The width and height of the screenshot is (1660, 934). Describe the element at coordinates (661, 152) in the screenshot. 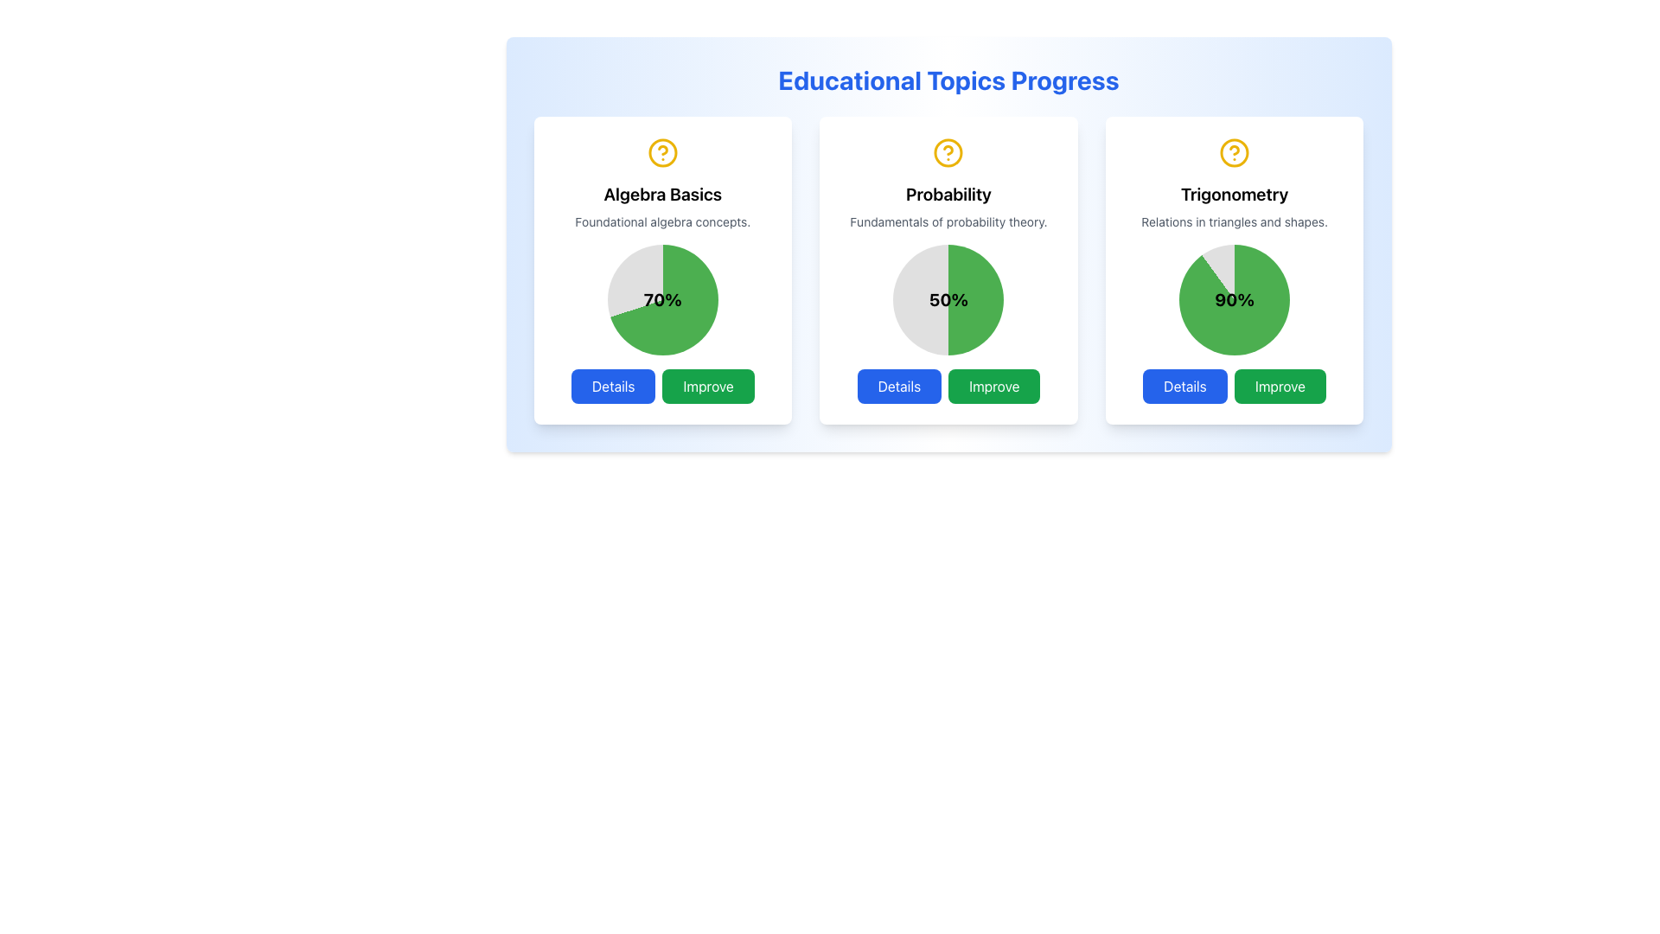

I see `the small circular shape at the center of the question-mark styled help icon located at the top portion of the first card in a row of three cards` at that location.